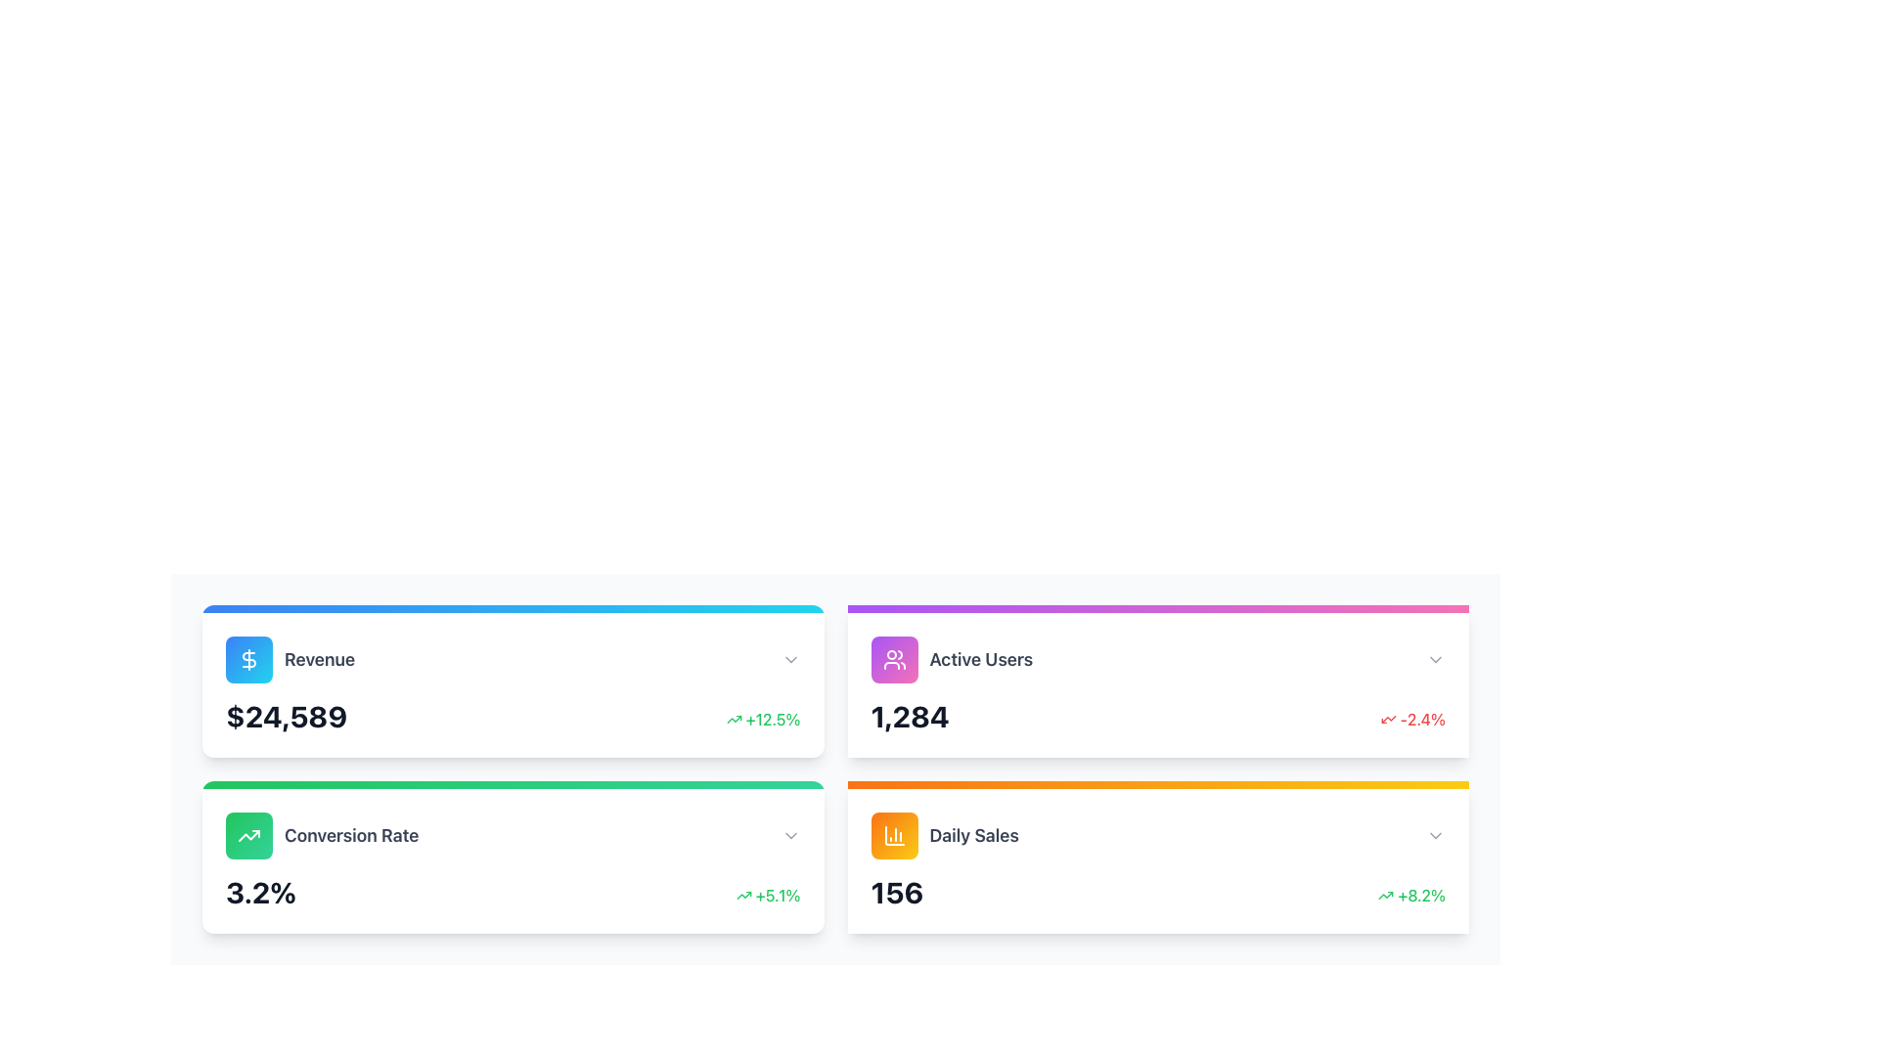  Describe the element at coordinates (762, 720) in the screenshot. I see `displayed percentage value next to the numeral '$24,589' within the 'Revenue' card, which indicates a positive change or growth` at that location.